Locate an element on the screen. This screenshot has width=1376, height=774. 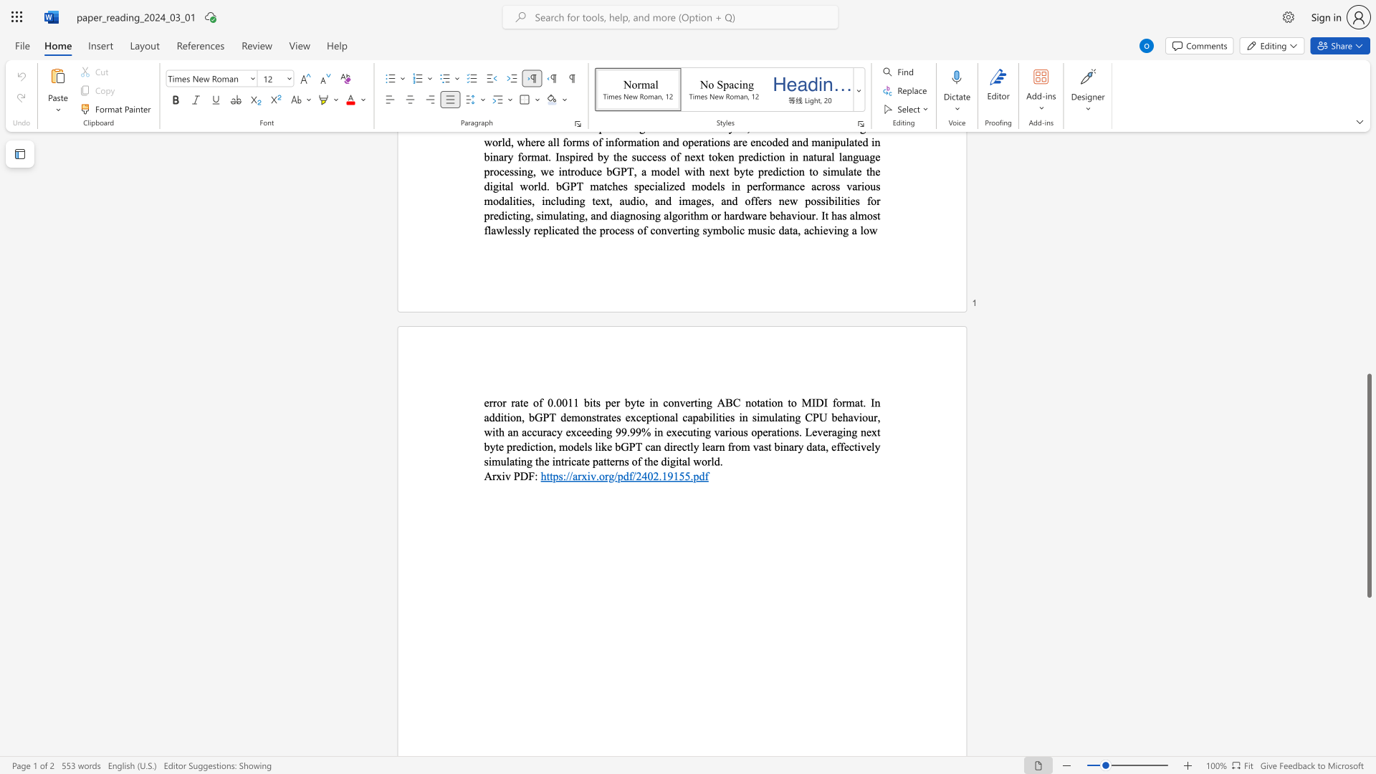
the scrollbar to adjust the page upward is located at coordinates (1368, 322).